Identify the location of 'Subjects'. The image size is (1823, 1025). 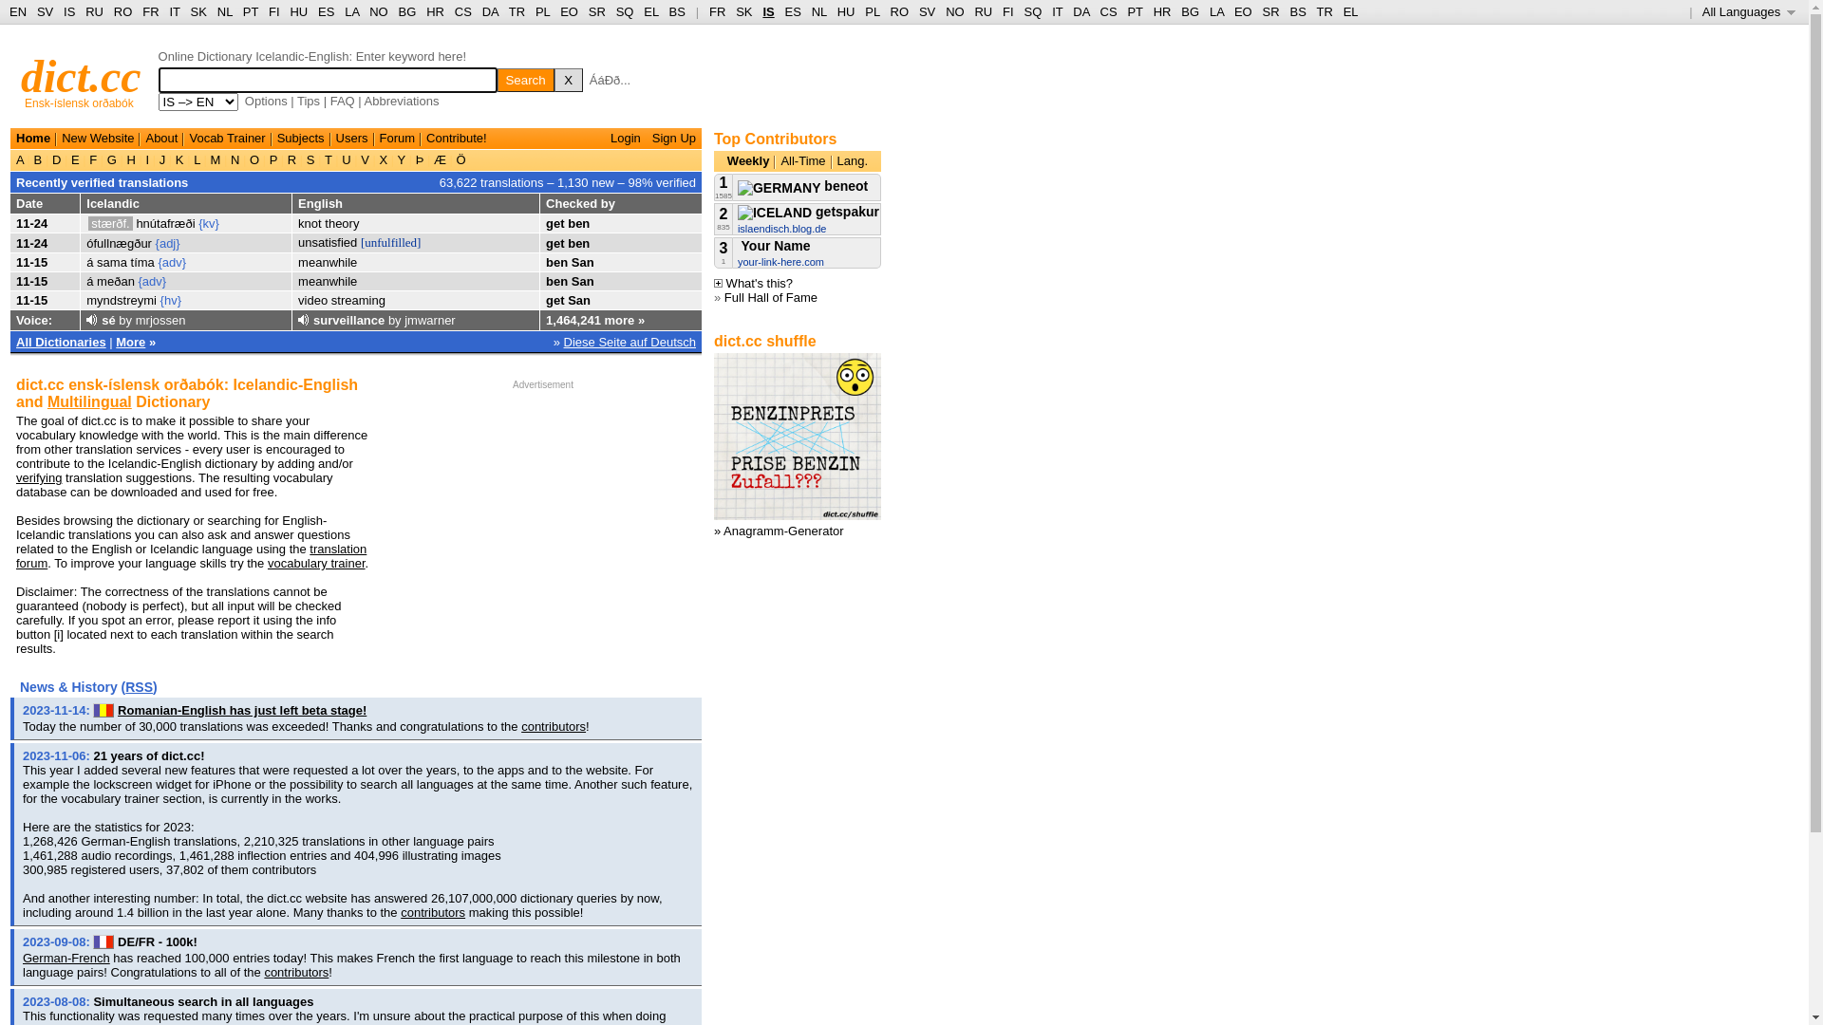
(299, 137).